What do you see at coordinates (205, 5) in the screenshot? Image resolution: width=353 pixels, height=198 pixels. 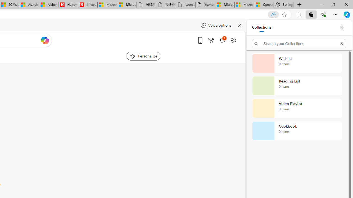 I see `'itconcepthk.com/projector_solutions.mp4'` at bounding box center [205, 5].